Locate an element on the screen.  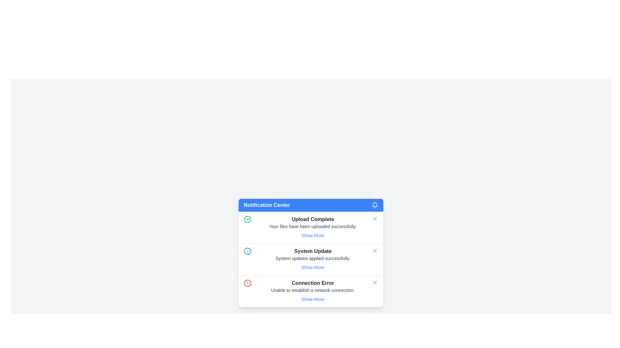
the dismiss button located at the top-right corner of the 'System Update' notification to change its color is located at coordinates (375, 250).